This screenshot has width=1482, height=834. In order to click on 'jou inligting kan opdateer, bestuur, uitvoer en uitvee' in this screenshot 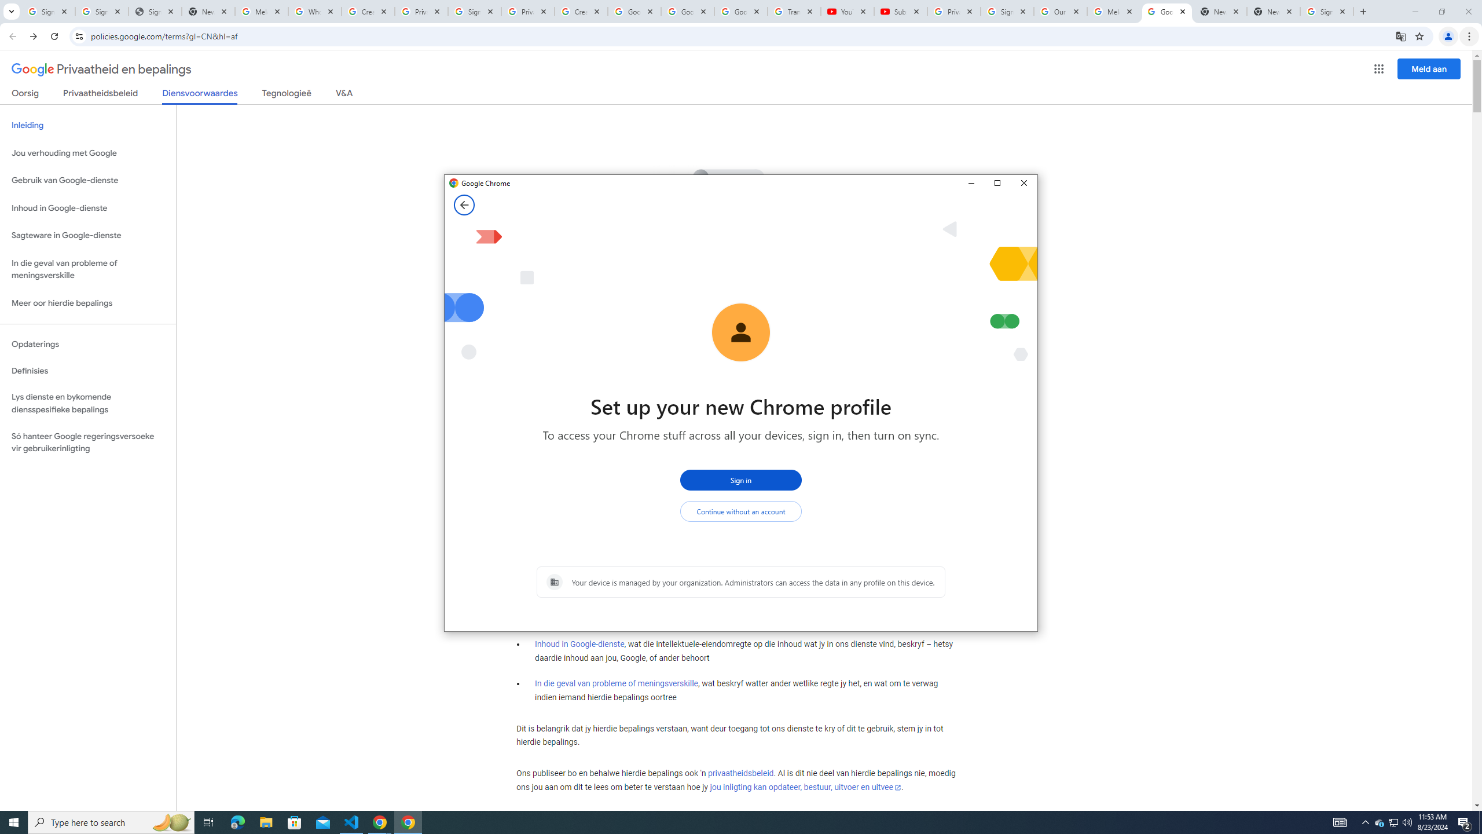, I will do `click(805, 787)`.